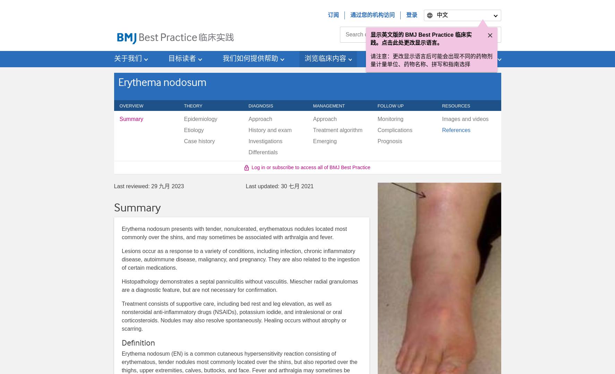  Describe the element at coordinates (183, 105) in the screenshot. I see `'Theory'` at that location.